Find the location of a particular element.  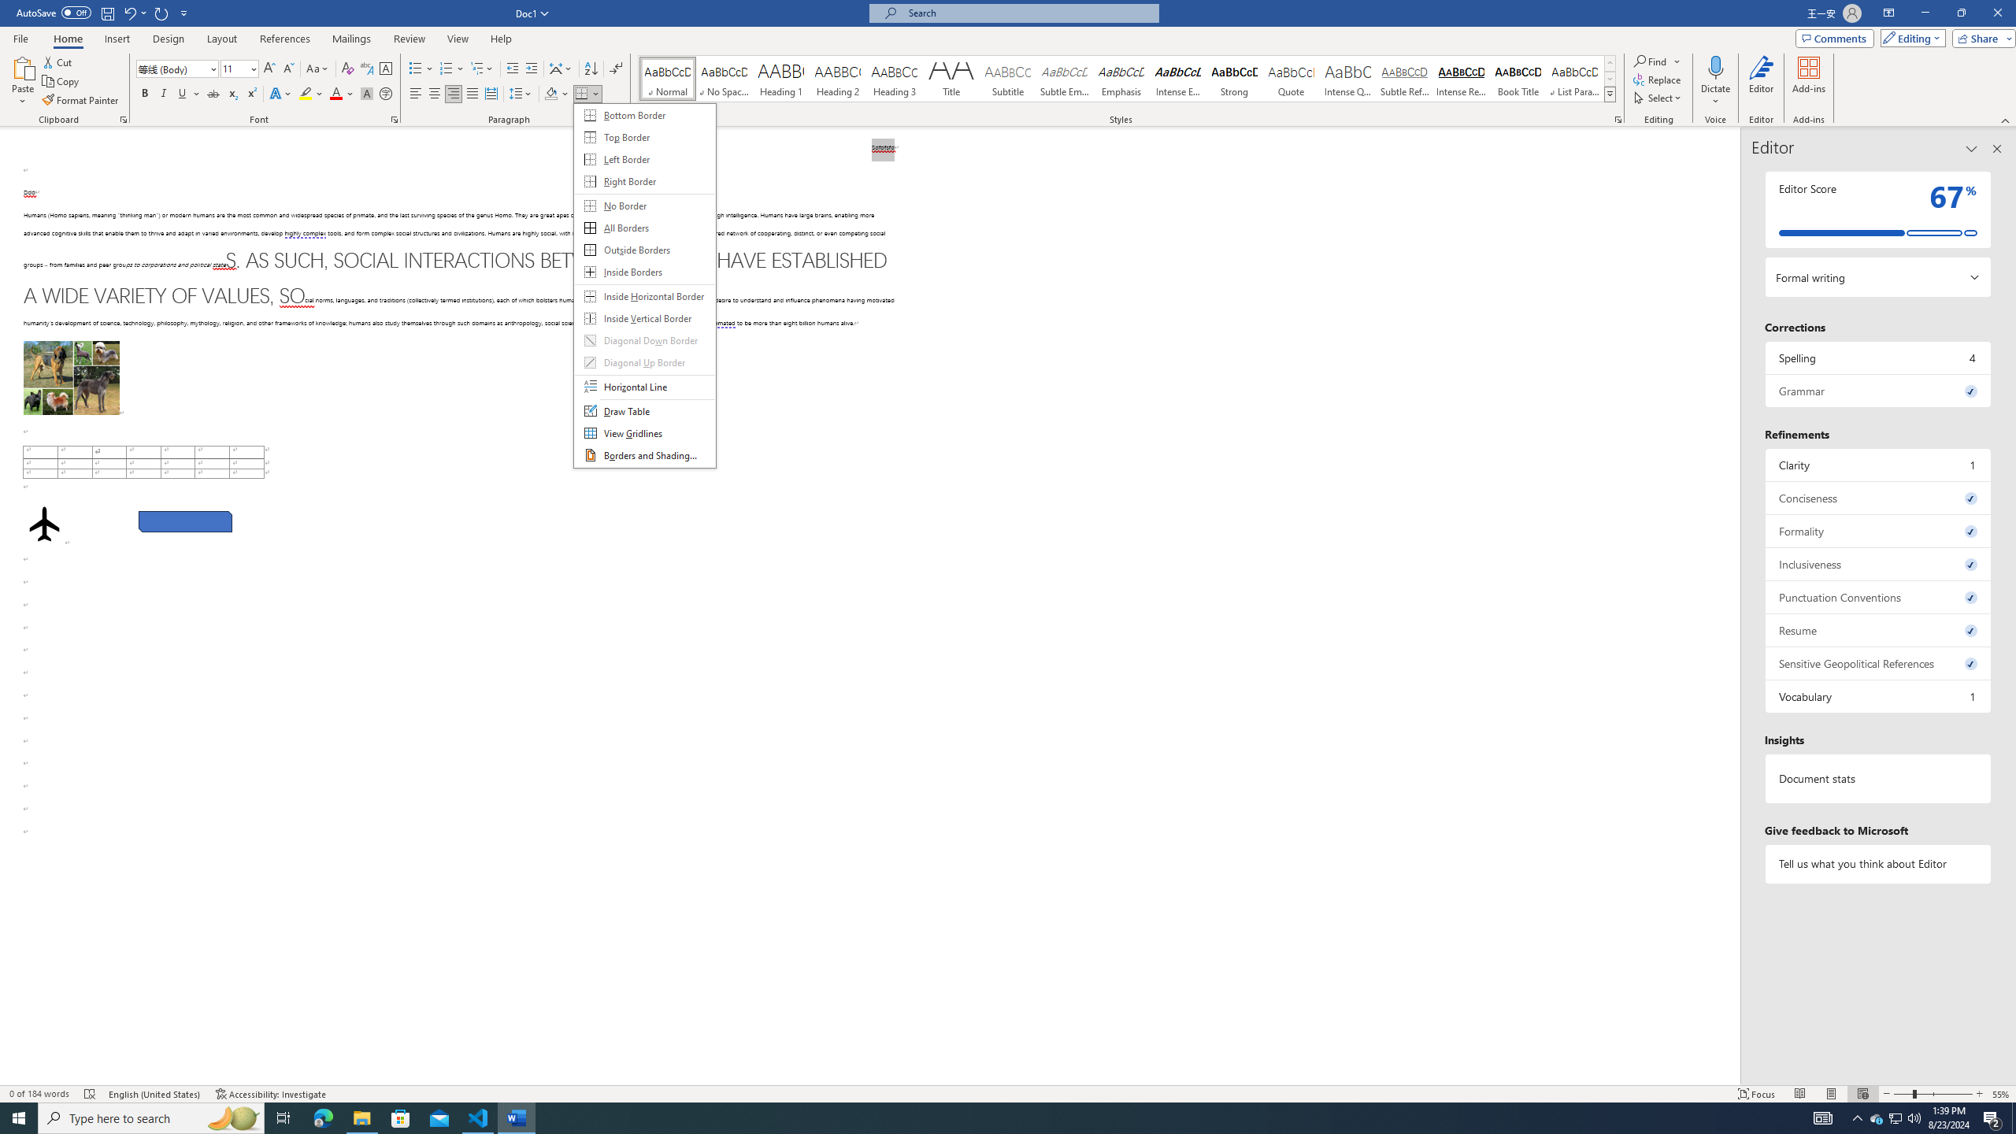

'Zoom' is located at coordinates (1933, 1094).